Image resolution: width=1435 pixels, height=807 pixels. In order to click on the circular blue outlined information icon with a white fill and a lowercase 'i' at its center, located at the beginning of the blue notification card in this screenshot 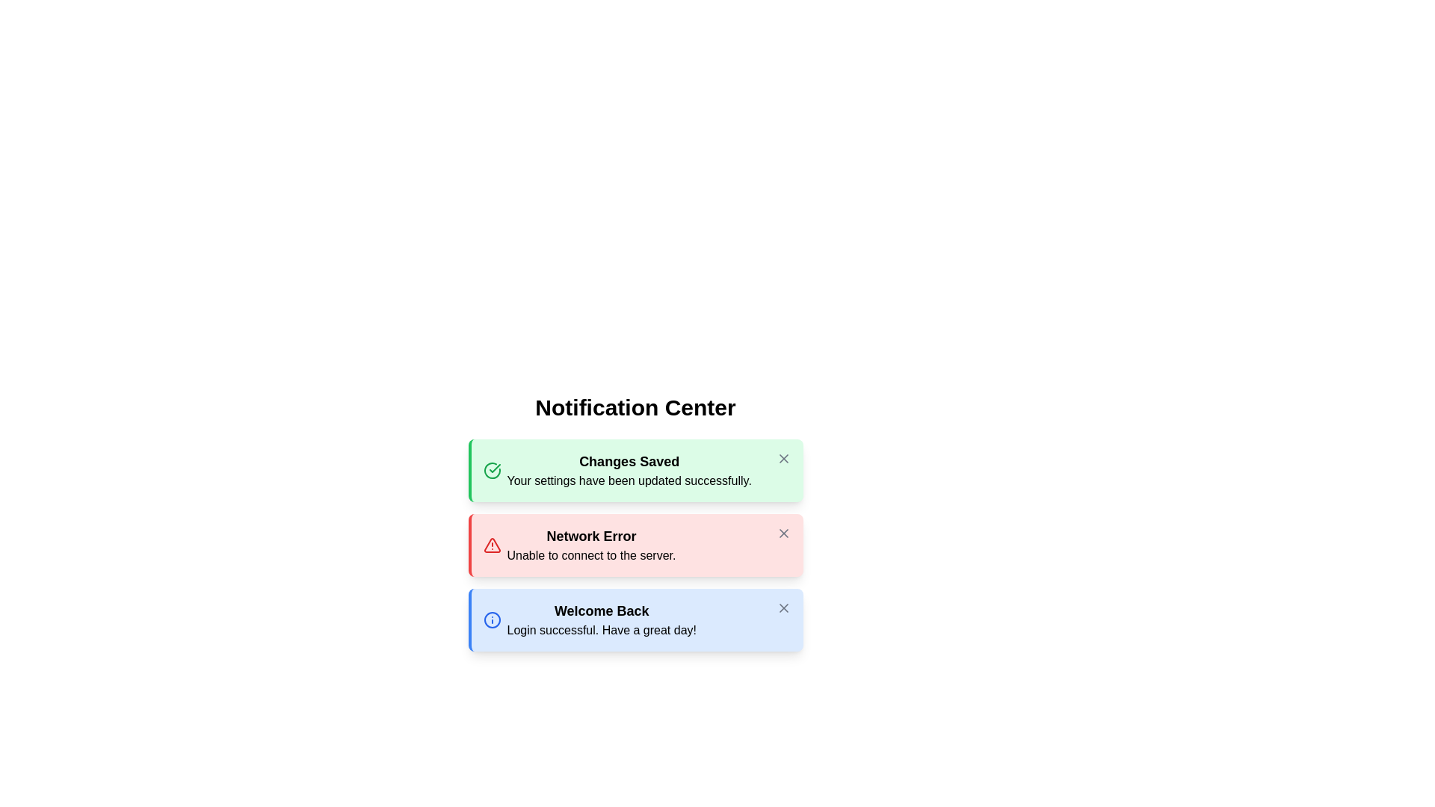, I will do `click(492, 619)`.